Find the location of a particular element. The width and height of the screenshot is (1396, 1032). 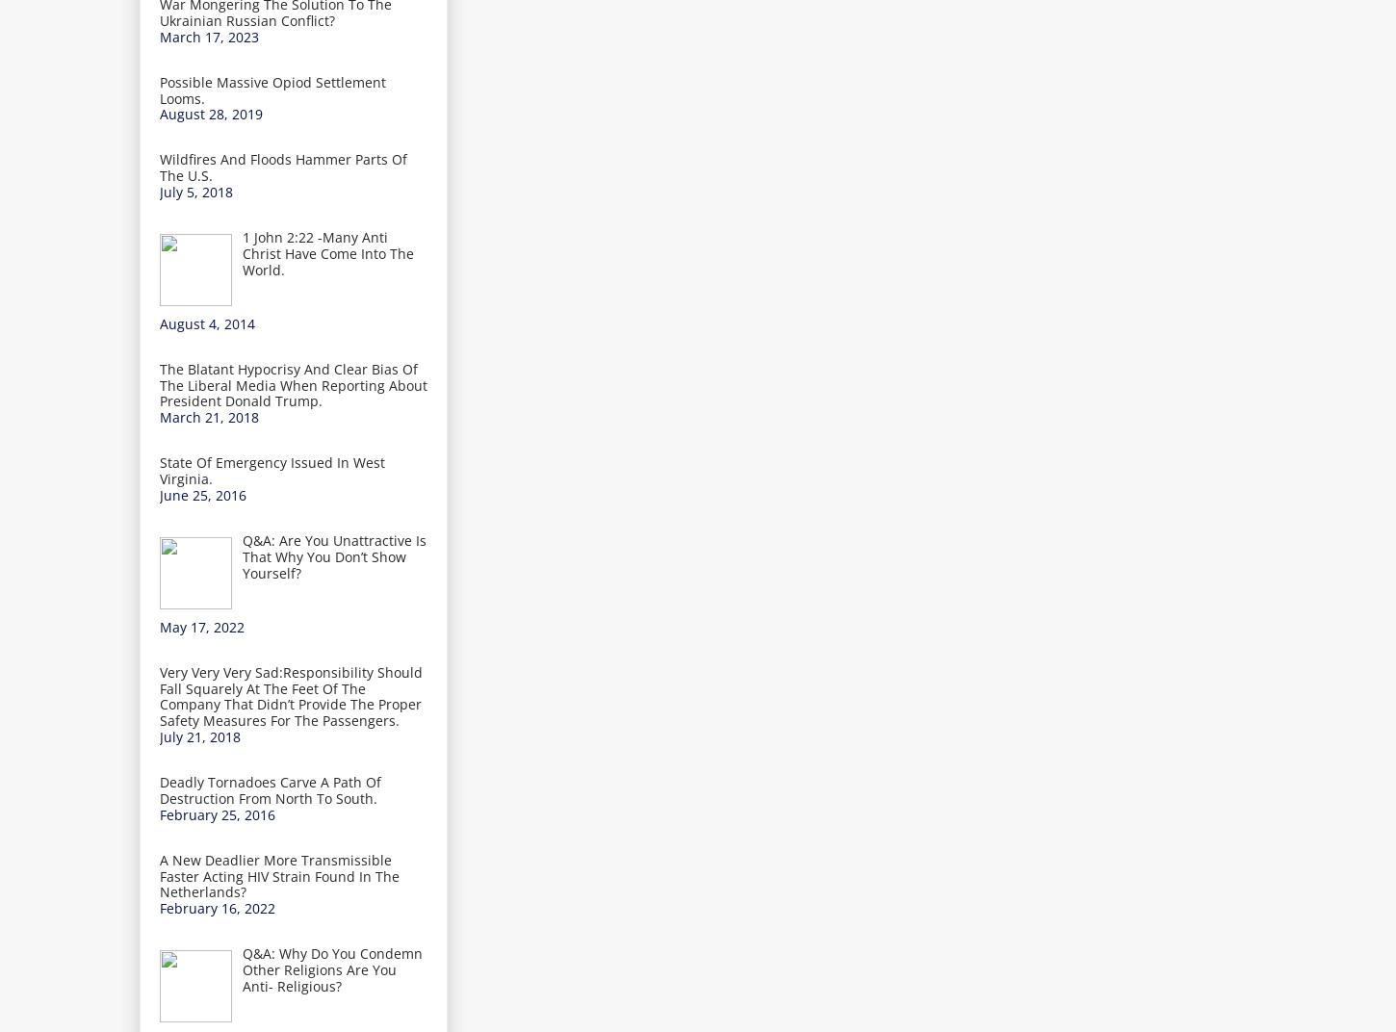

'March 17, 2023' is located at coordinates (208, 35).